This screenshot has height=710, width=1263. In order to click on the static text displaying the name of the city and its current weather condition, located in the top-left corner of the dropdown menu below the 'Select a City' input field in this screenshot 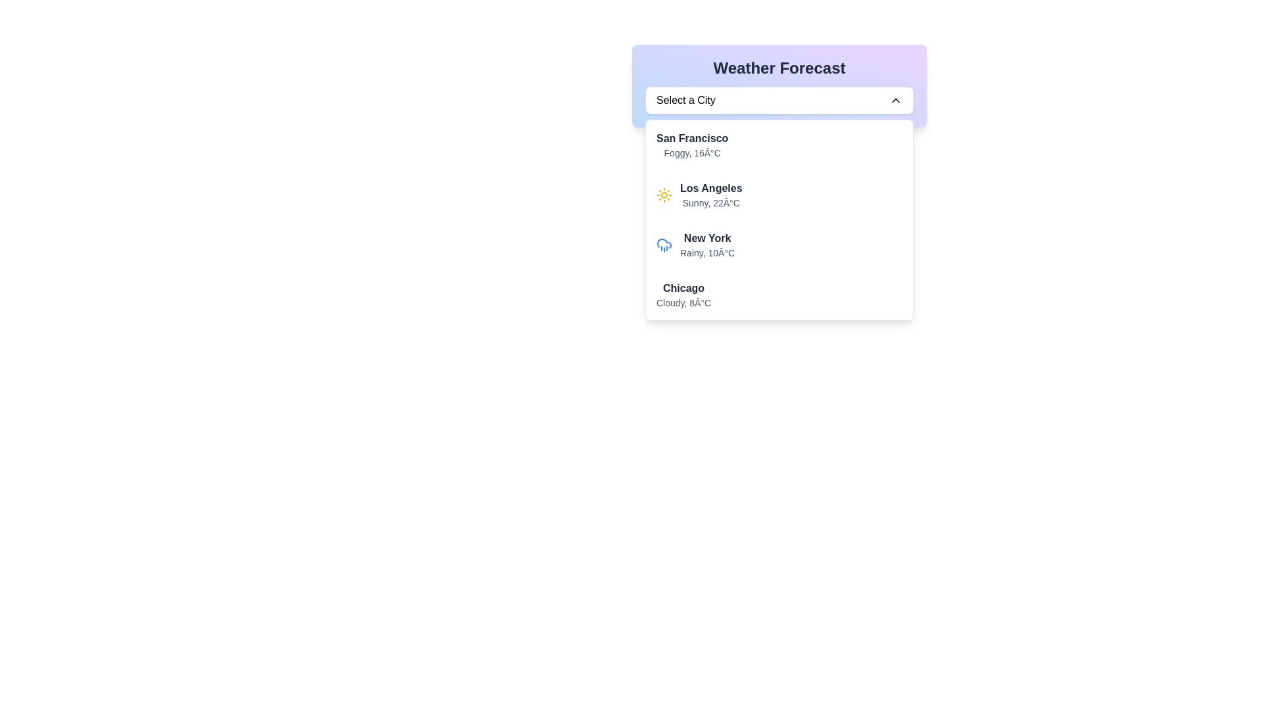, I will do `click(691, 145)`.